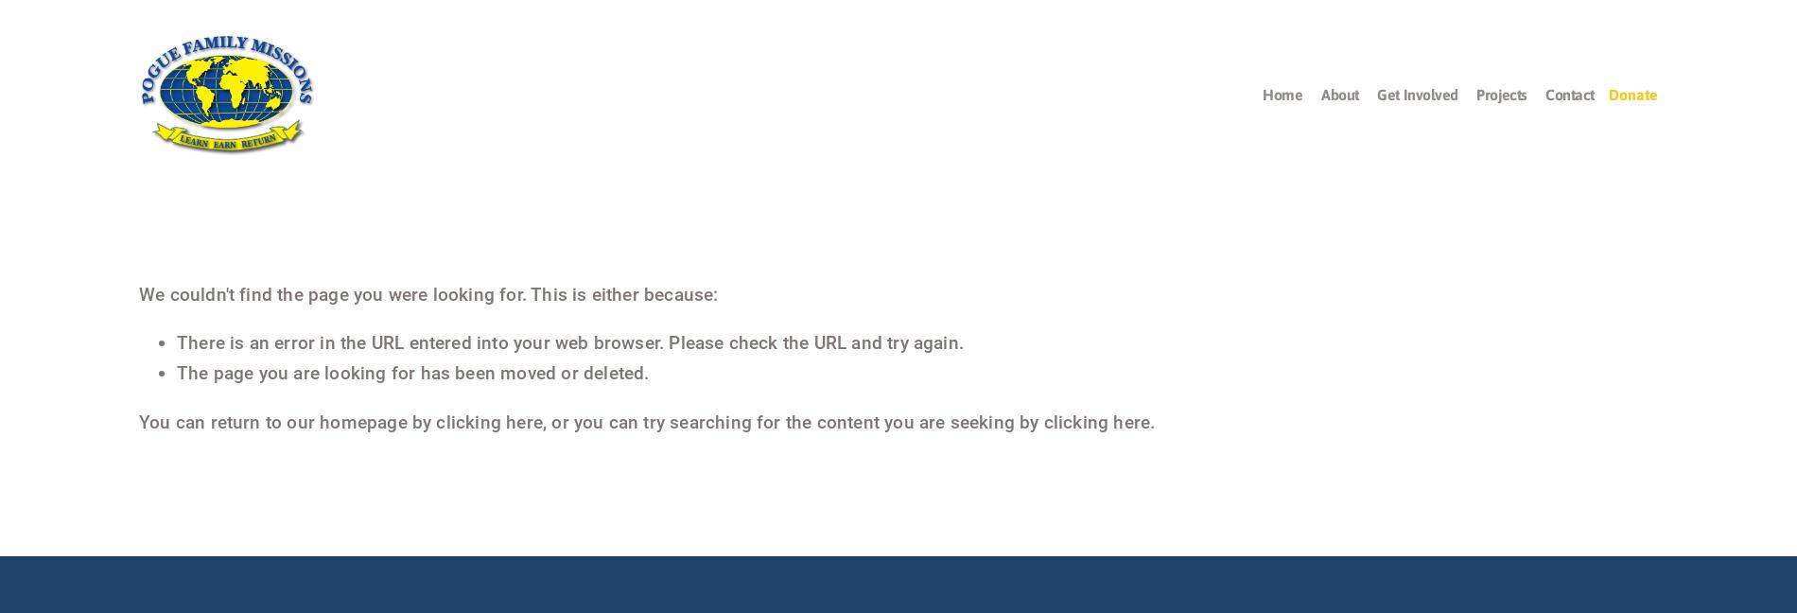 The height and width of the screenshot is (613, 1797). Describe the element at coordinates (1570, 94) in the screenshot. I see `'Contact'` at that location.